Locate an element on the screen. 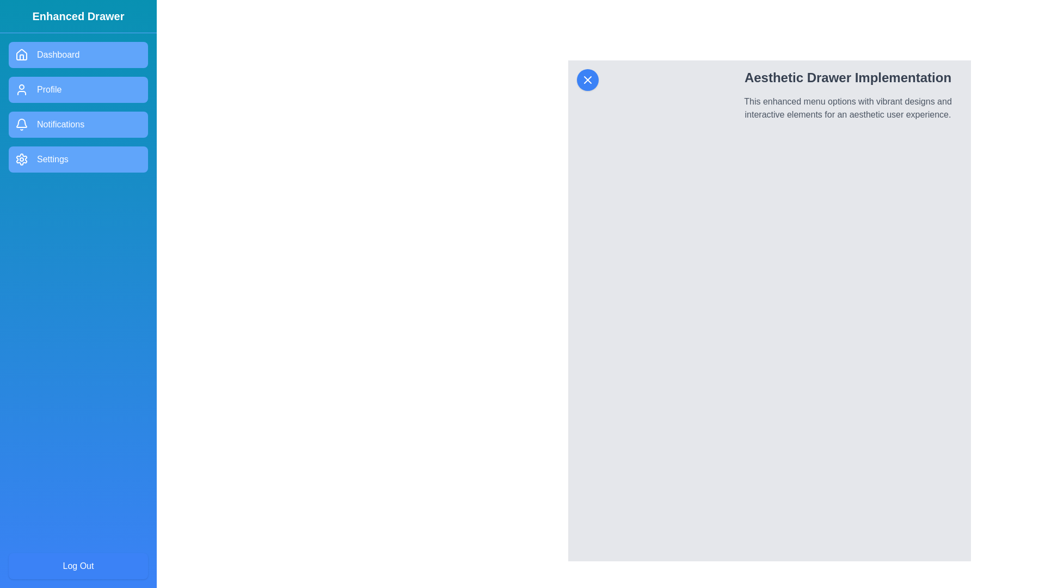 The height and width of the screenshot is (588, 1045). the text block containing the content 'This enhanced menu options with vibrant designs and interactive elements for an aesthetic user experience.' which is styled with gray font color and positioned below the title 'Aesthetic Drawer Implementation.' is located at coordinates (847, 108).